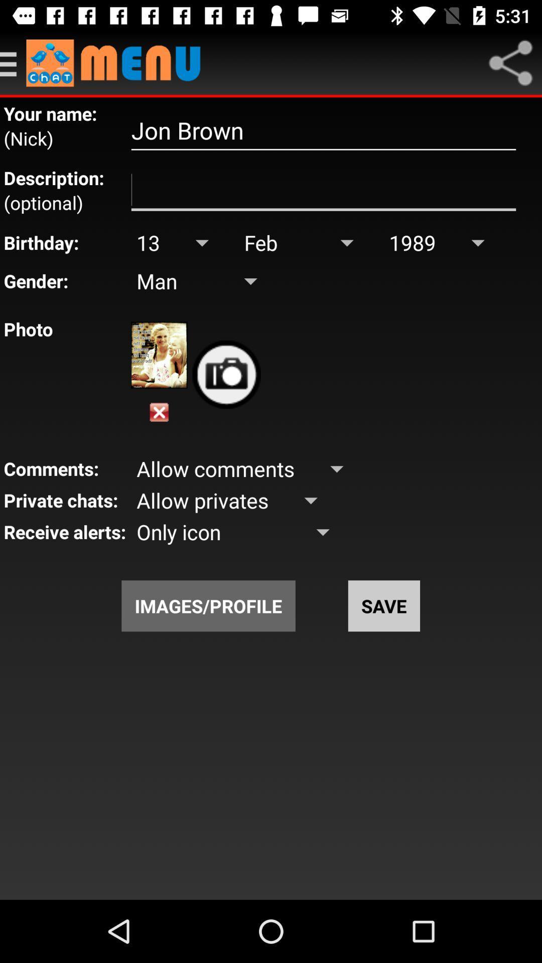 The height and width of the screenshot is (963, 542). Describe the element at coordinates (323, 190) in the screenshot. I see `screen page` at that location.